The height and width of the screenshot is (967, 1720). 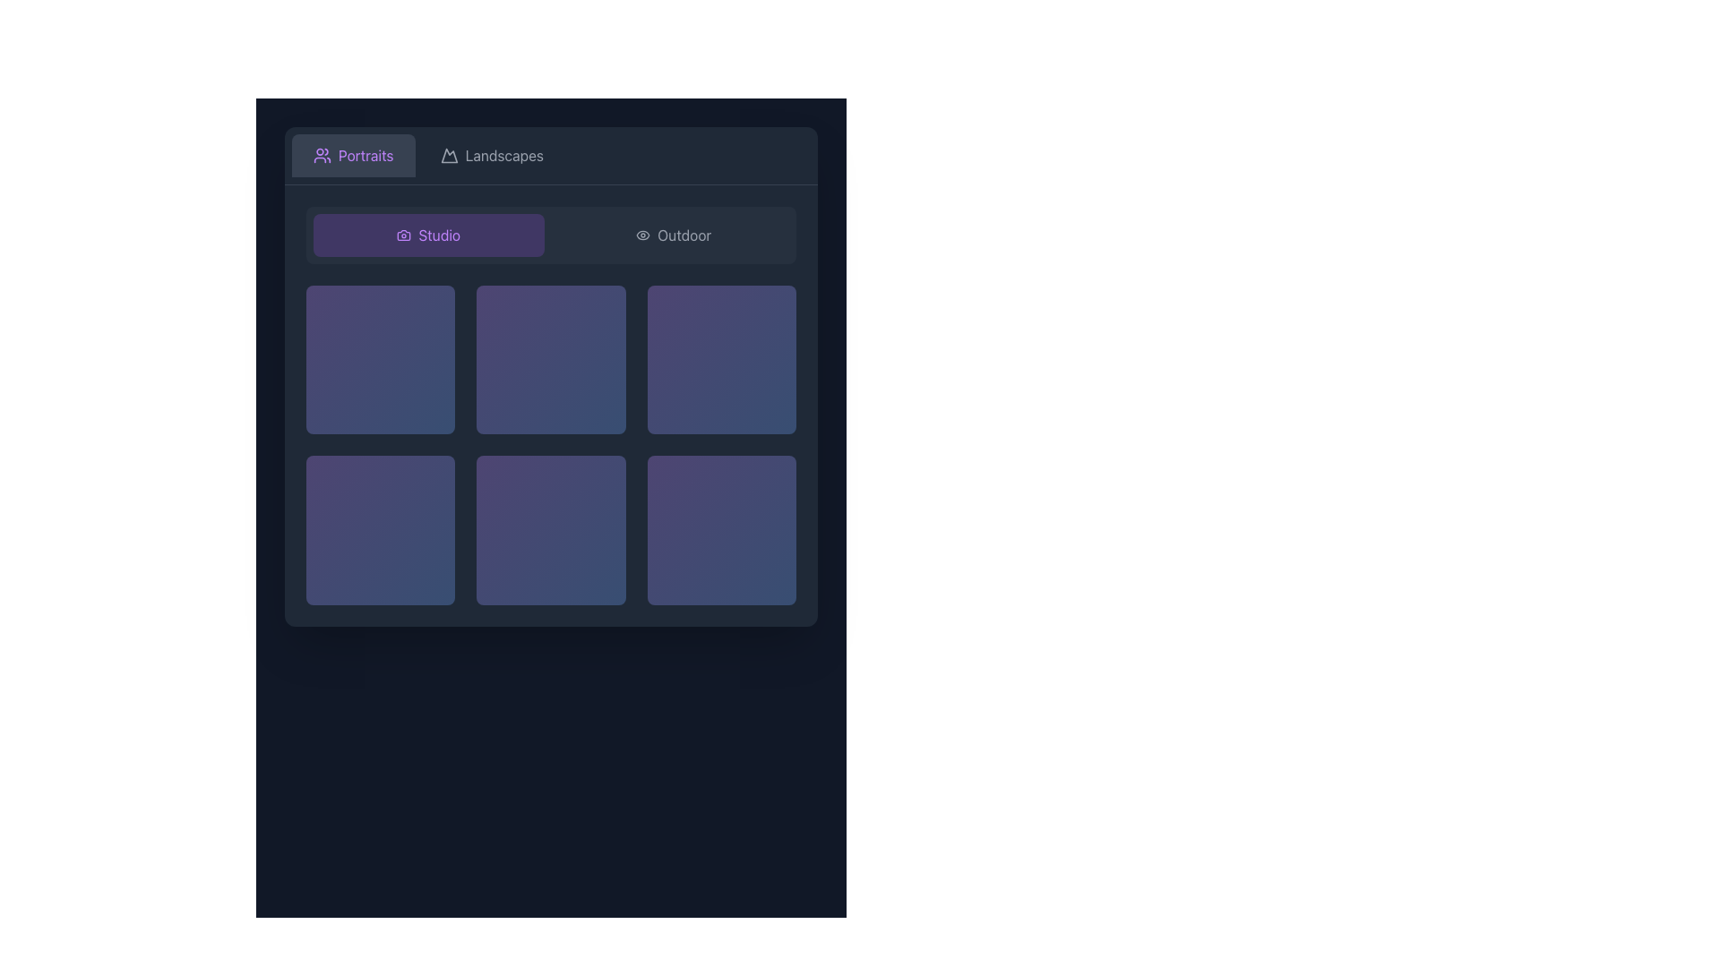 What do you see at coordinates (721, 581) in the screenshot?
I see `the interactive placeholder at the bottom section of the sixth photo card labeled 'Photo Title 6'` at bounding box center [721, 581].